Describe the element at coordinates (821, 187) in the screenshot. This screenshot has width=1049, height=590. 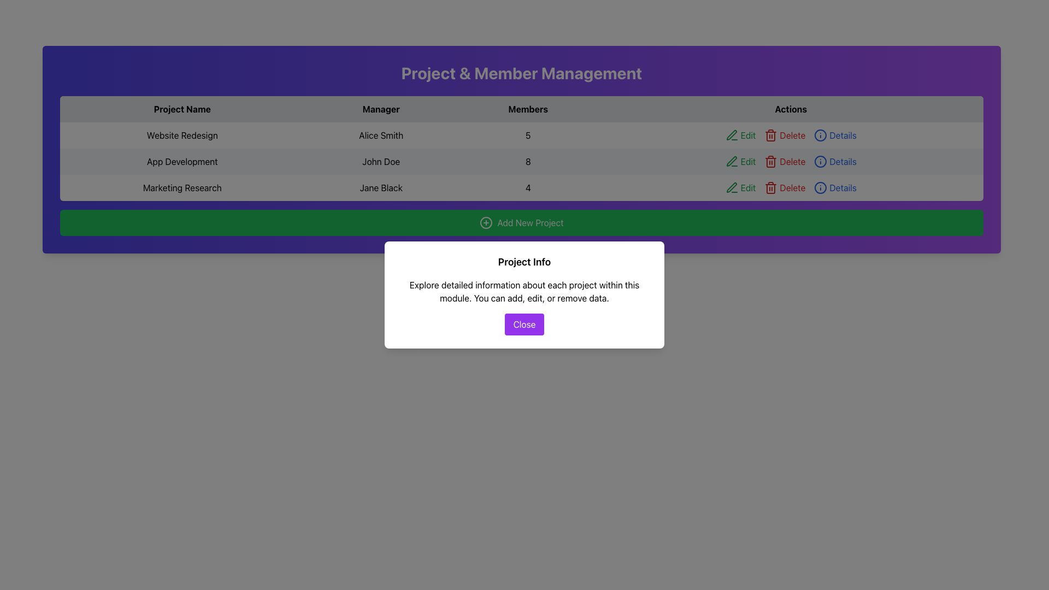
I see `the circular SVG graphic element representing the 'Details' icon in the 'Actions' column of the 'Marketing Research' row in the table` at that location.